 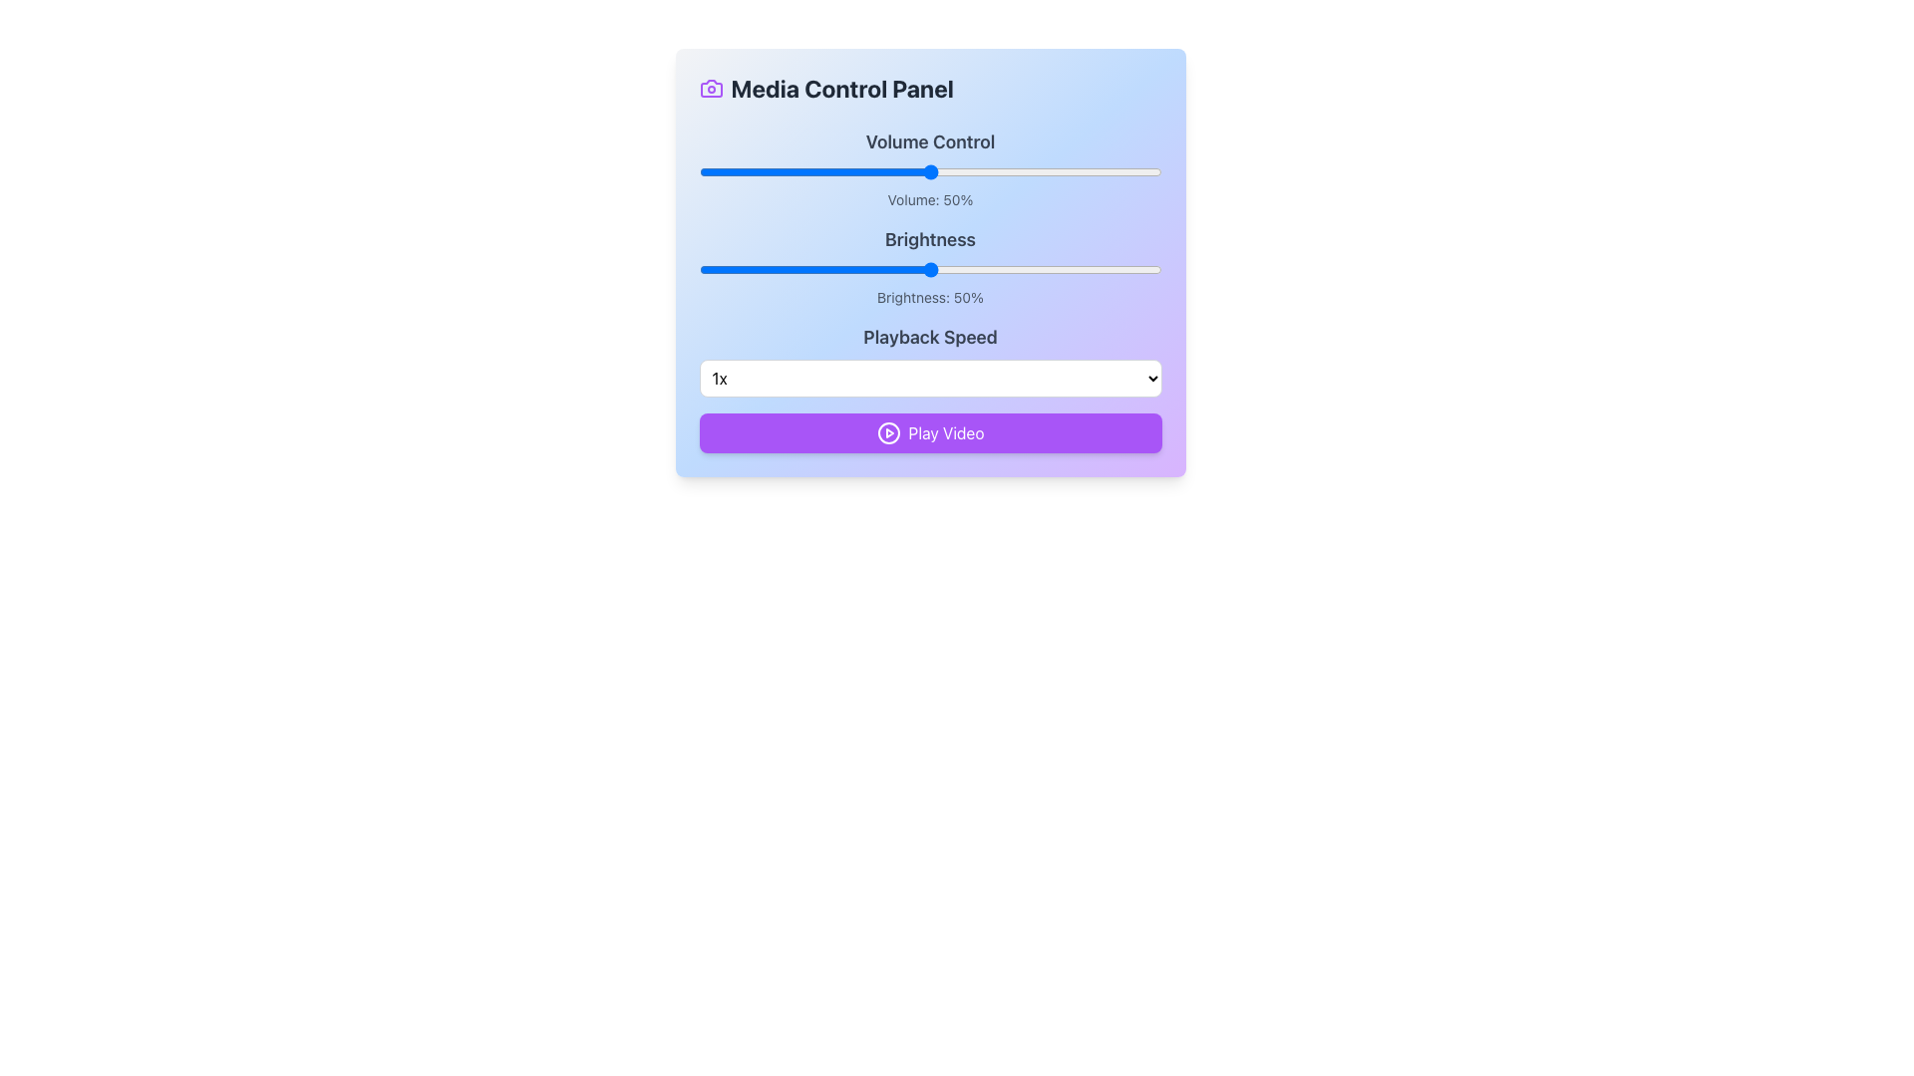 What do you see at coordinates (929, 337) in the screenshot?
I see `the Text Label that describes the dropdown menu for playback speed settings, which is positioned centrally above the dropdown and below the 'Brightness' controls` at bounding box center [929, 337].